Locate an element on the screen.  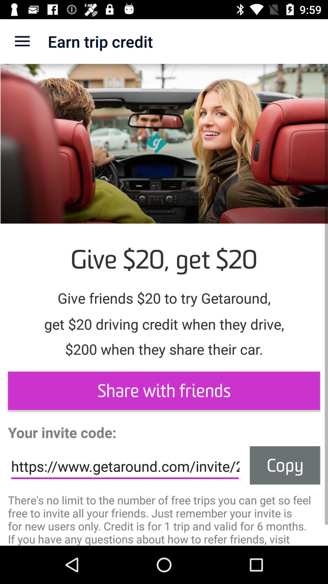
the icon below https www getaround is located at coordinates (164, 519).